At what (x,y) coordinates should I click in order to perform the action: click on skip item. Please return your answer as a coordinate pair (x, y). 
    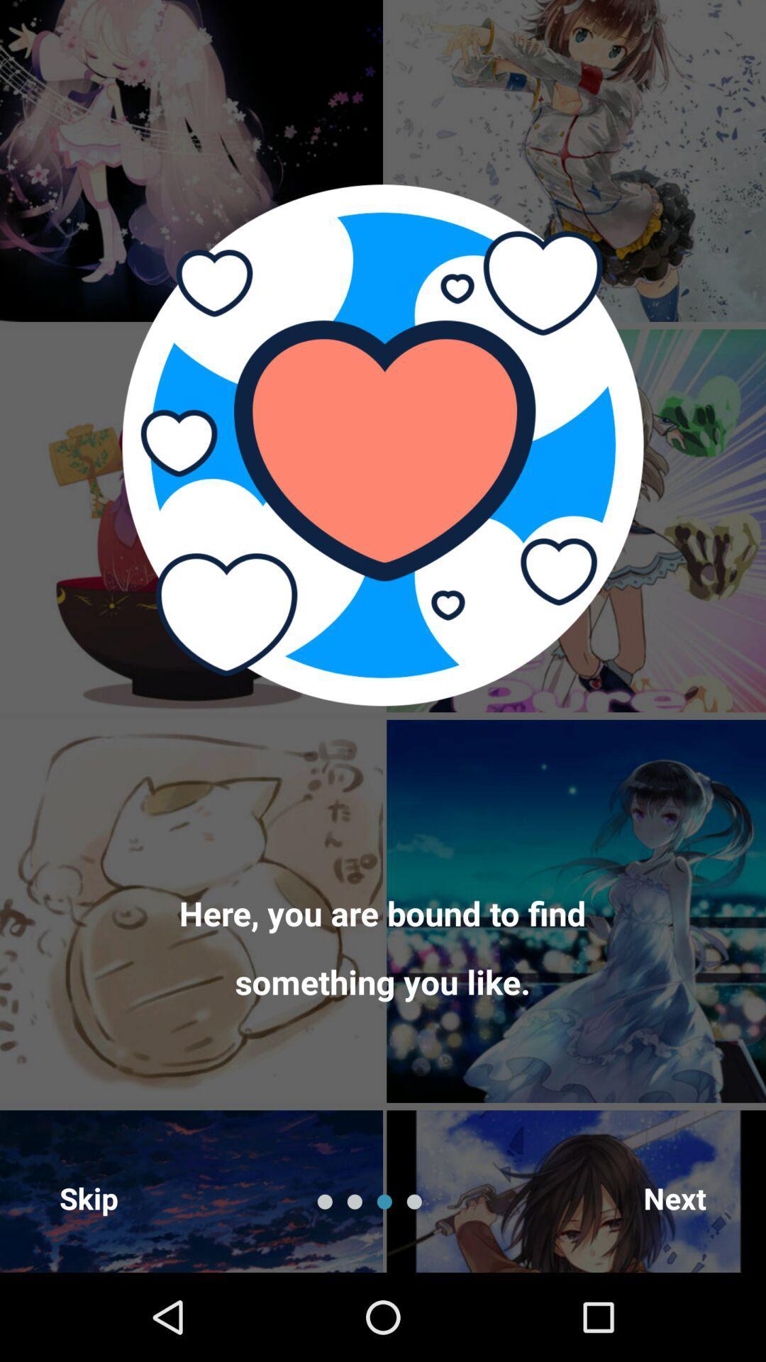
    Looking at the image, I should click on (89, 1197).